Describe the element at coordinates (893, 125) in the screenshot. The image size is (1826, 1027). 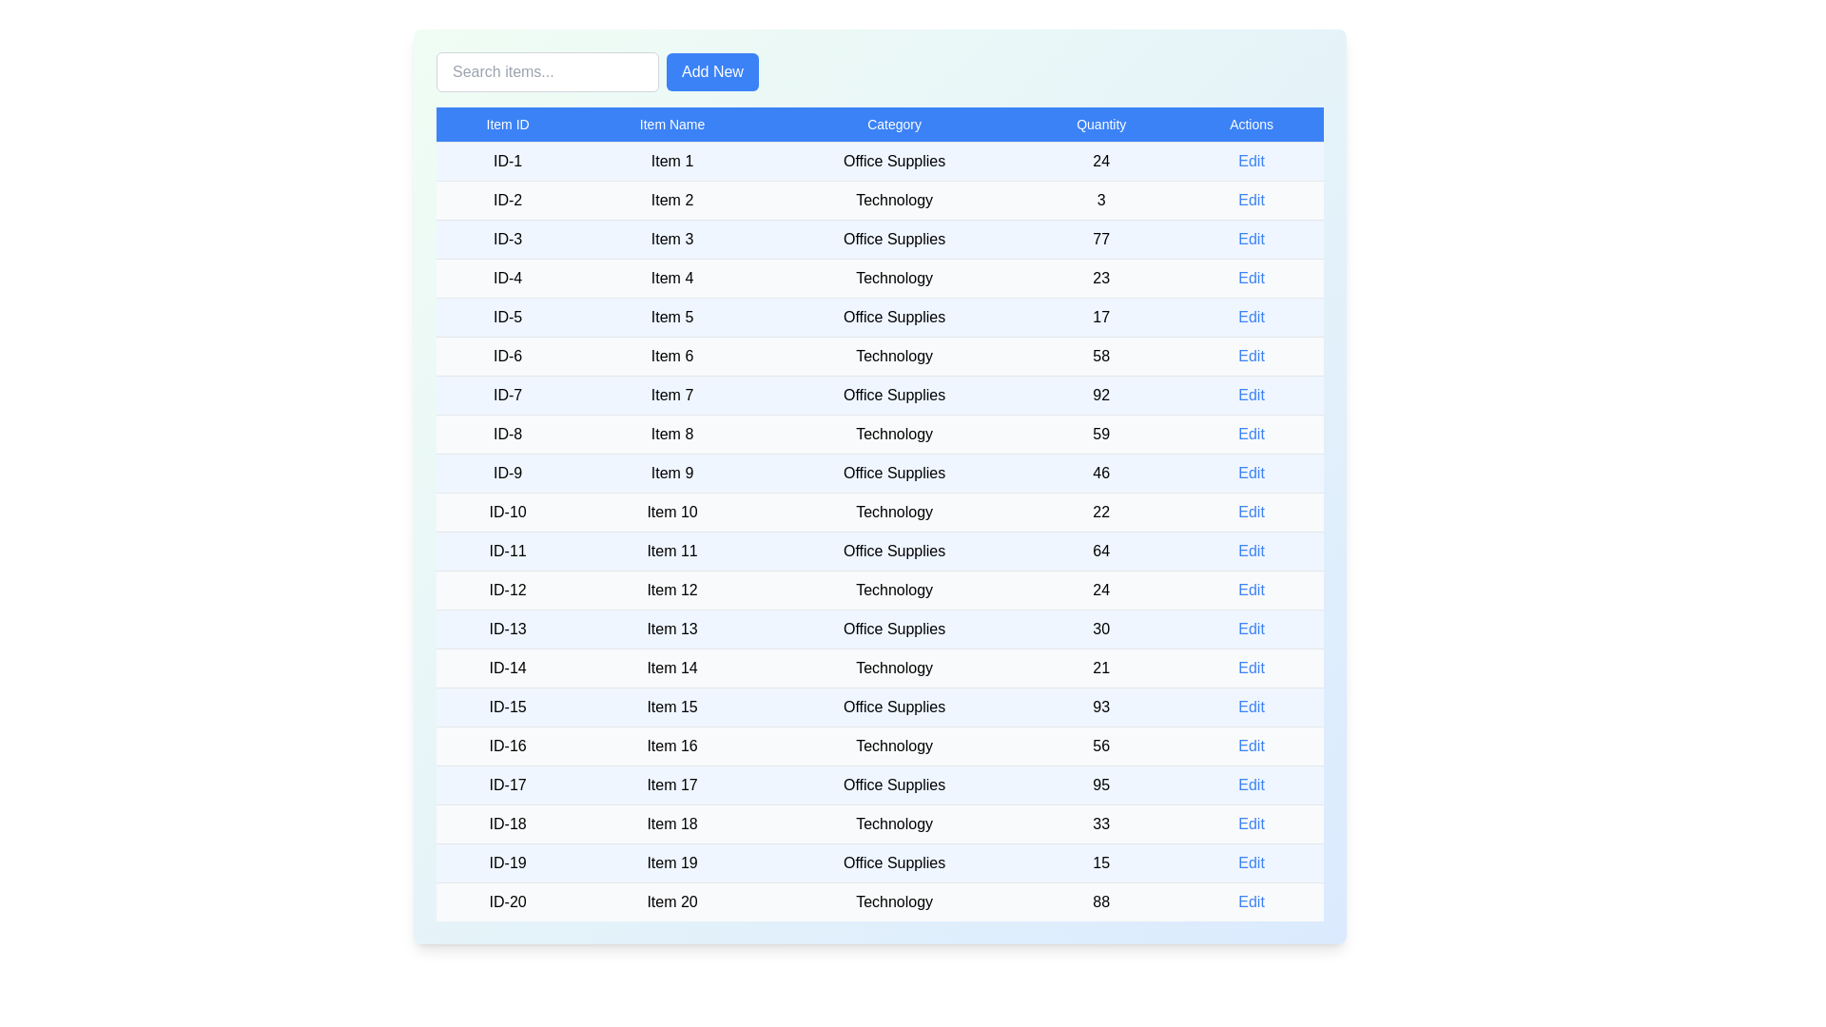
I see `the column header Category to sort the table by that column` at that location.